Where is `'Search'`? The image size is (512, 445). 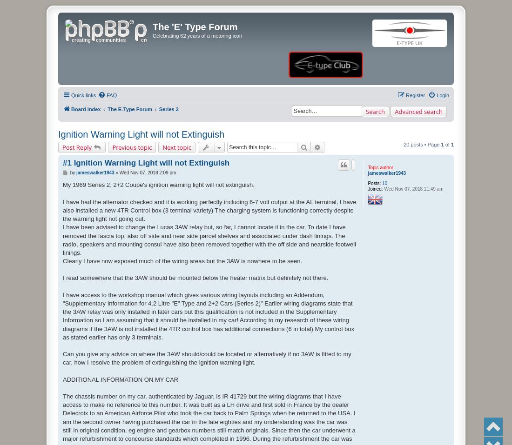
'Search' is located at coordinates (375, 110).